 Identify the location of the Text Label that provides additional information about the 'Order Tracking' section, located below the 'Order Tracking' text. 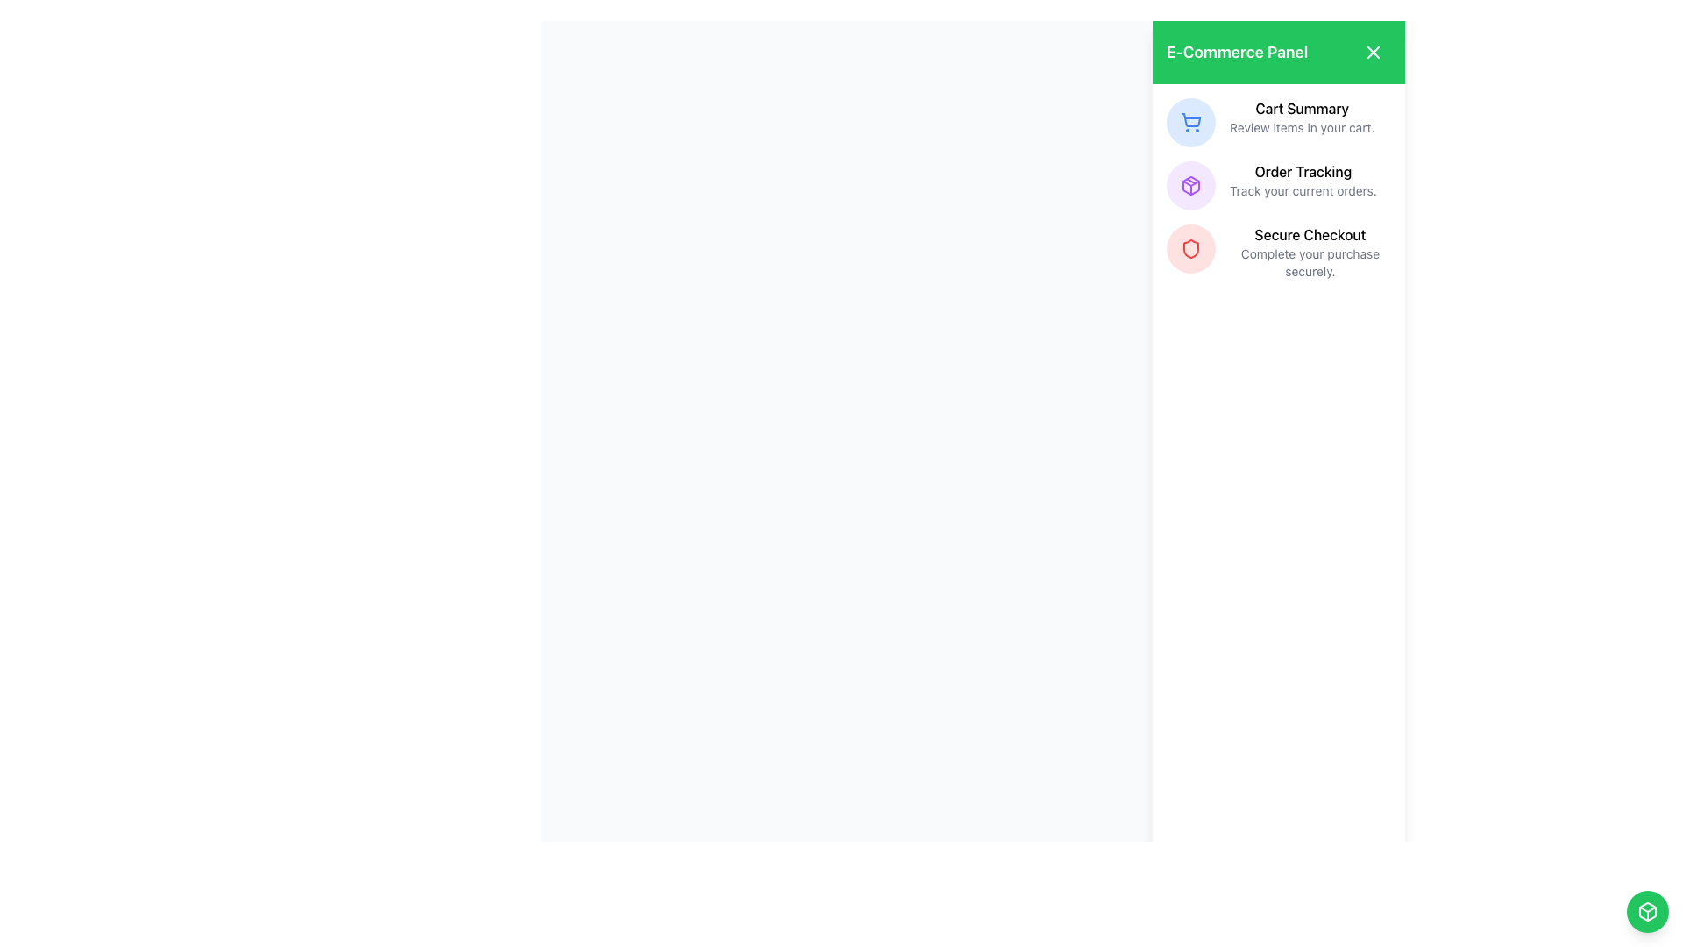
(1303, 191).